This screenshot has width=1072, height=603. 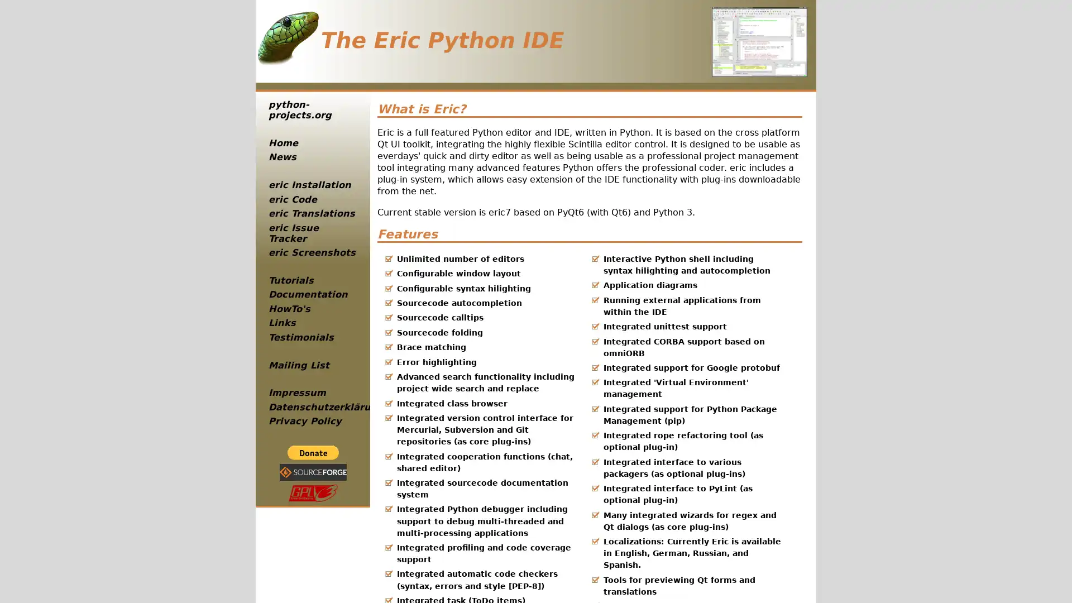 What do you see at coordinates (313, 452) in the screenshot?
I see `PayPal - The safer, easier way to pay online!` at bounding box center [313, 452].